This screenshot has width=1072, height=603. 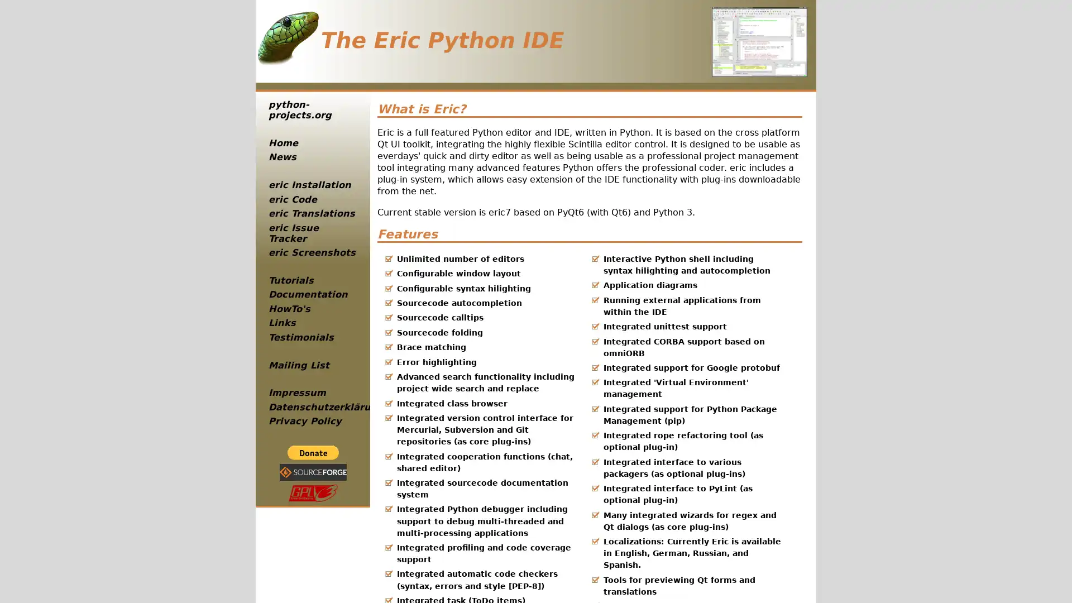 What do you see at coordinates (313, 452) in the screenshot?
I see `PayPal - The safer, easier way to pay online!` at bounding box center [313, 452].